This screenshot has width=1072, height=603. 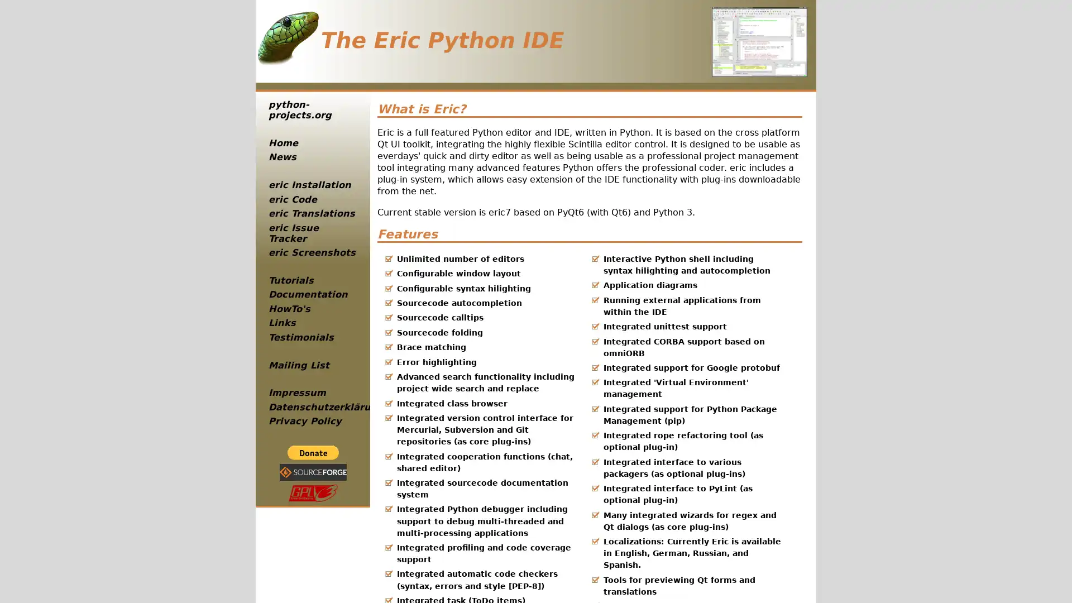 What do you see at coordinates (313, 452) in the screenshot?
I see `PayPal - The safer, easier way to pay online!` at bounding box center [313, 452].